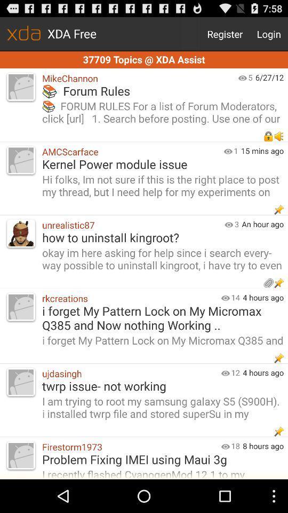 This screenshot has width=288, height=513. I want to click on problem fixing imei app, so click(162, 458).